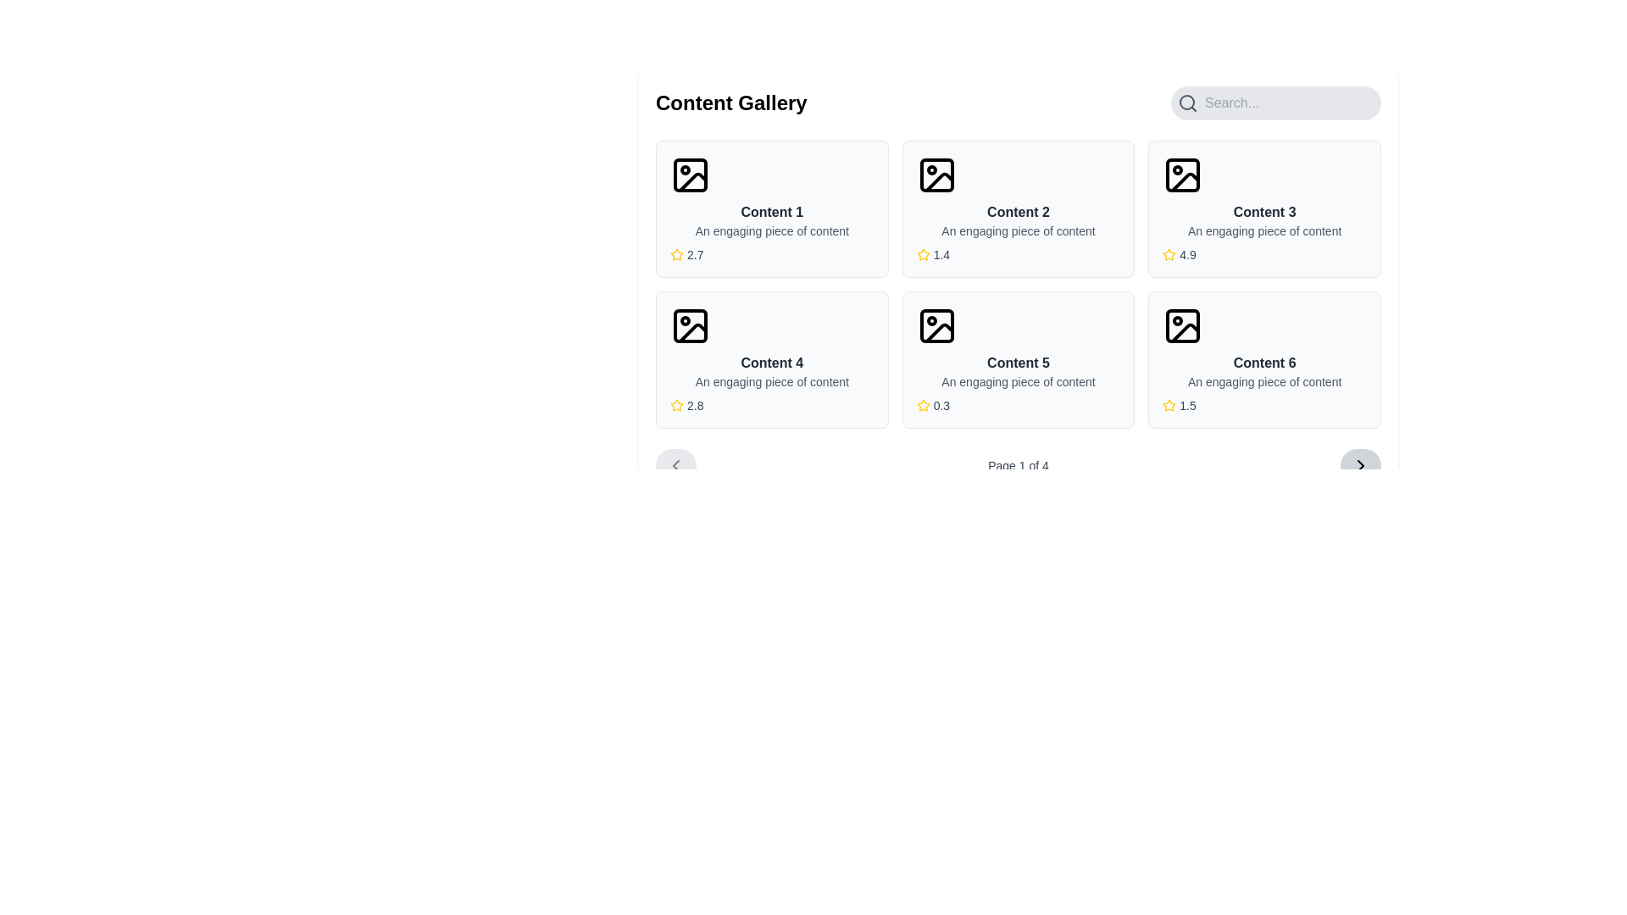 The image size is (1627, 915). What do you see at coordinates (922, 405) in the screenshot?
I see `the yellow star-shaped icon located below the thumbnail and title of 'Content 5', to the left of the rating text '0.3'` at bounding box center [922, 405].